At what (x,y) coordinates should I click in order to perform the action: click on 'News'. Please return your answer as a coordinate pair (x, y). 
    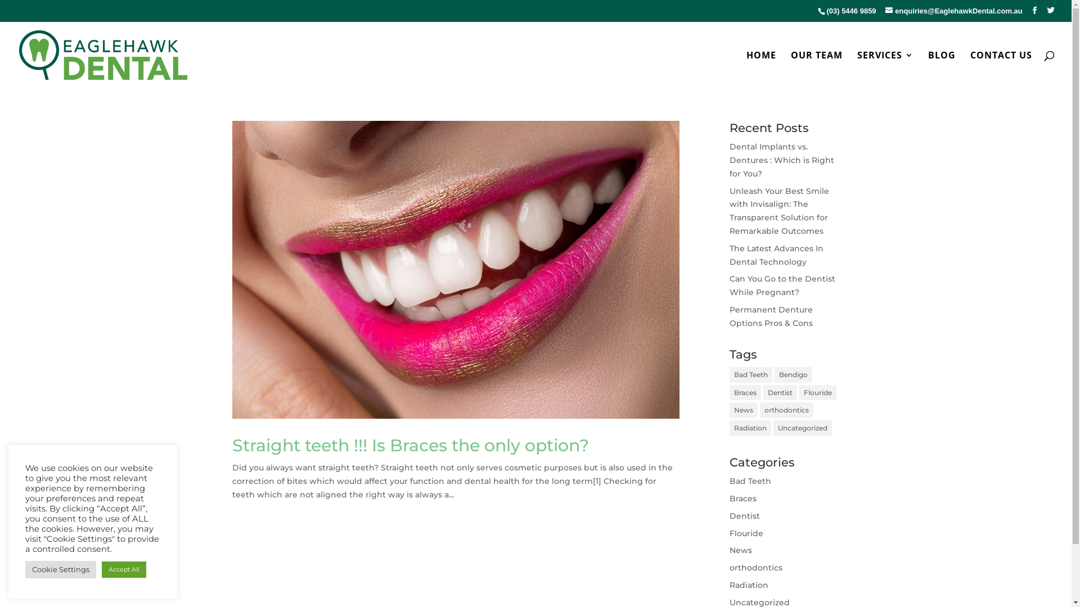
    Looking at the image, I should click on (743, 410).